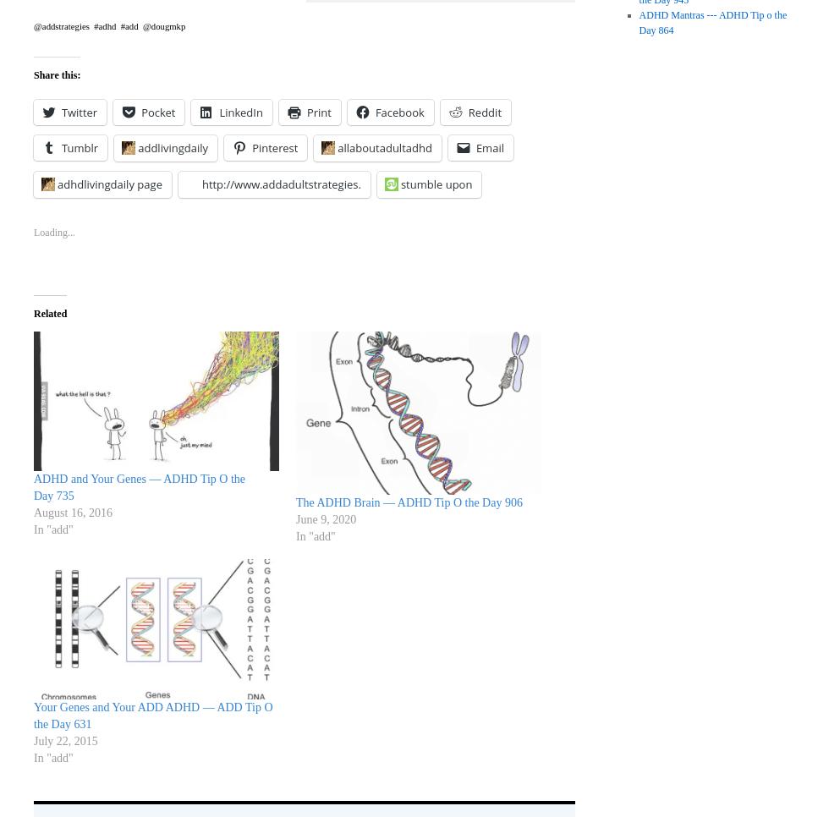 The image size is (829, 817). I want to click on 'Email', so click(475, 145).